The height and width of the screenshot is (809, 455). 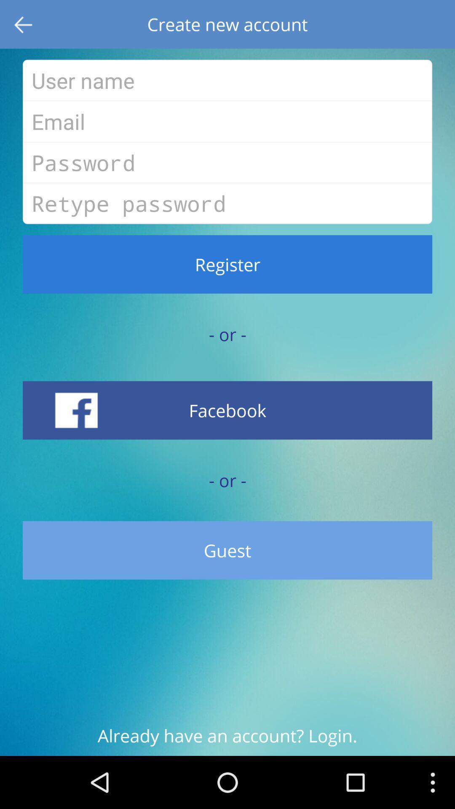 What do you see at coordinates (227, 264) in the screenshot?
I see `the register item` at bounding box center [227, 264].